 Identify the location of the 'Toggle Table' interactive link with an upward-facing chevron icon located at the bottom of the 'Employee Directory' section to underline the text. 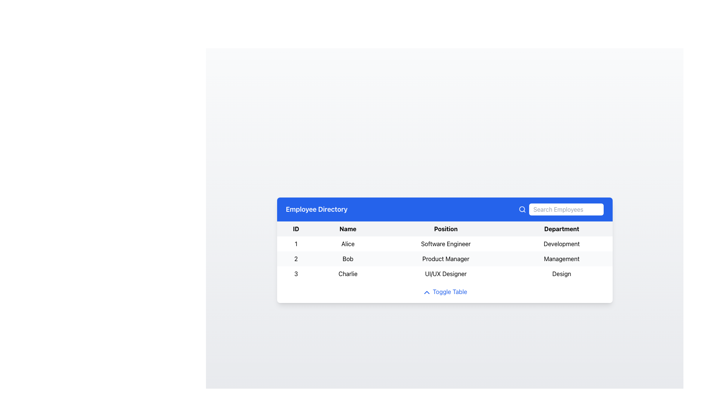
(445, 291).